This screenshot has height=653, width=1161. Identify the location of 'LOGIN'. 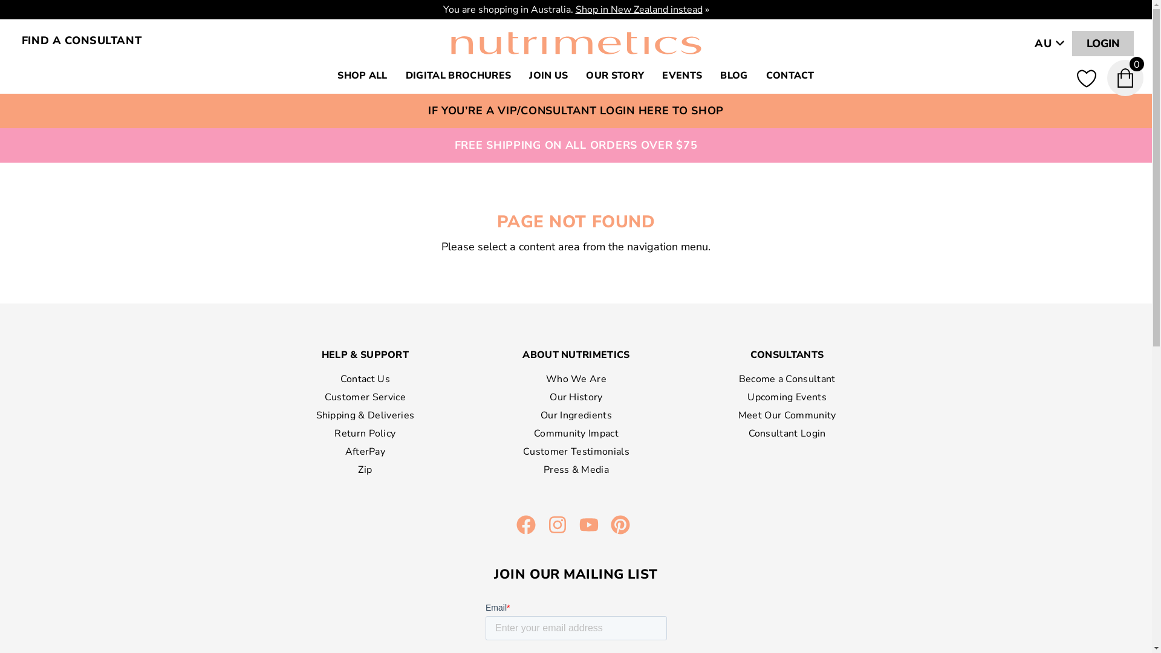
(1103, 43).